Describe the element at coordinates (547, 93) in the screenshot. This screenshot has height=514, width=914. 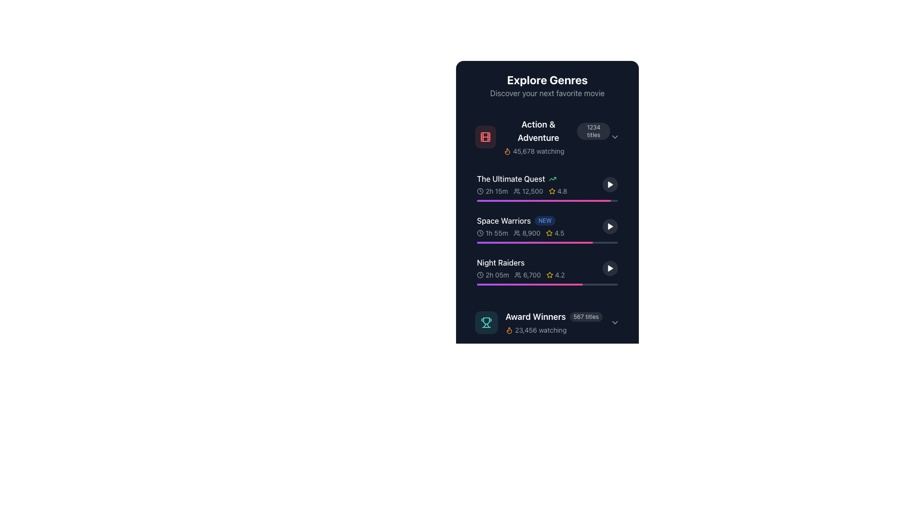
I see `the grey text label that reads 'Discover your next favorite movie', which is positioned below the bold white 'Explore Genres' heading` at that location.